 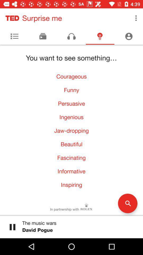 What do you see at coordinates (71, 103) in the screenshot?
I see `the icon below funny item` at bounding box center [71, 103].